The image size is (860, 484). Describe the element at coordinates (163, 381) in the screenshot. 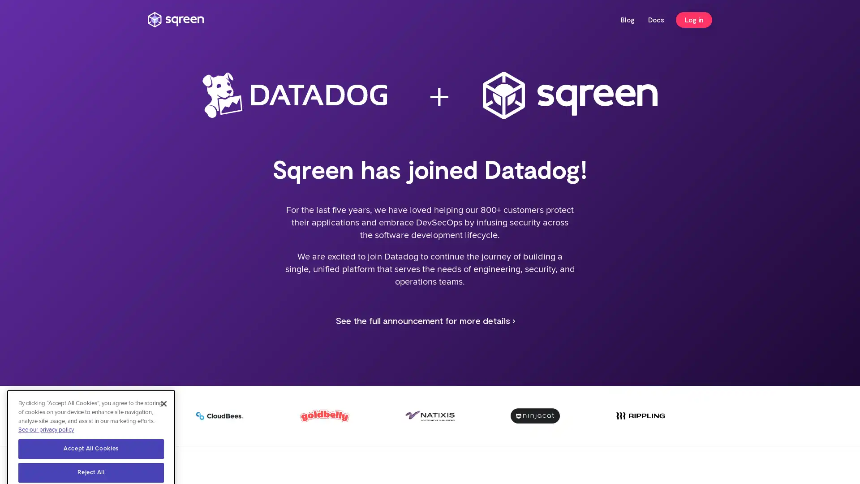

I see `Close` at that location.